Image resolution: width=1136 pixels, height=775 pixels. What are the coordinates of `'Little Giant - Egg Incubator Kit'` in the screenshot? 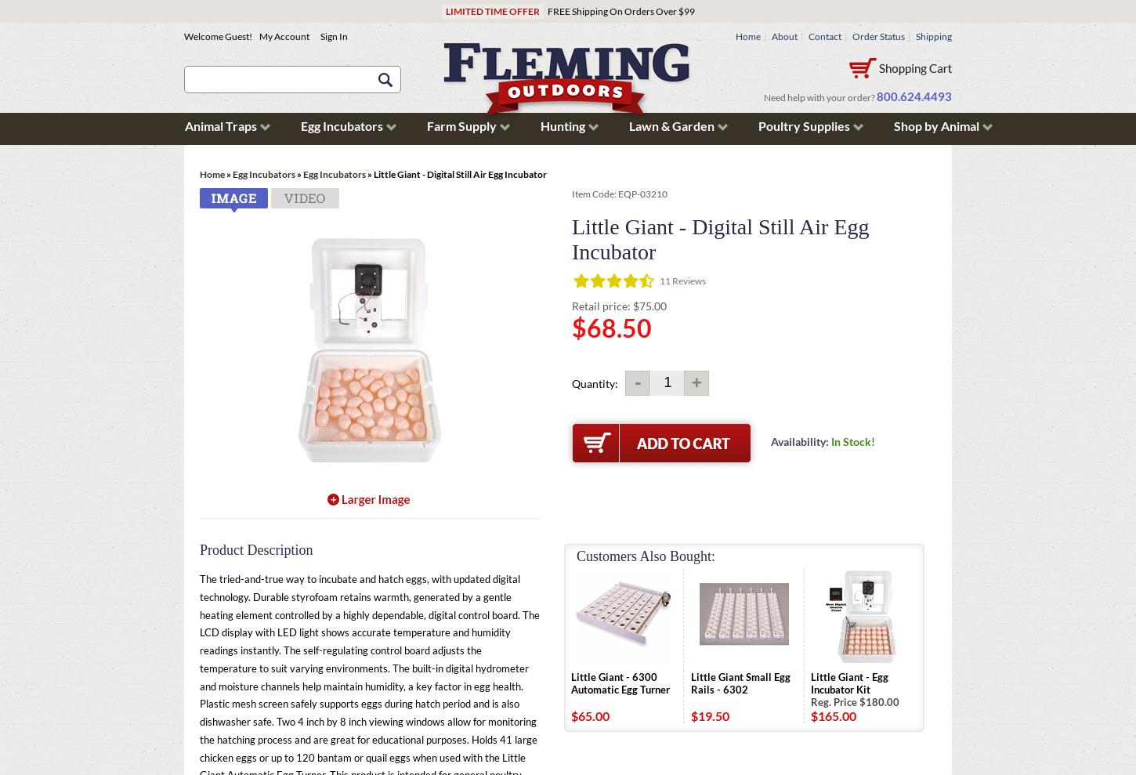 It's located at (849, 683).